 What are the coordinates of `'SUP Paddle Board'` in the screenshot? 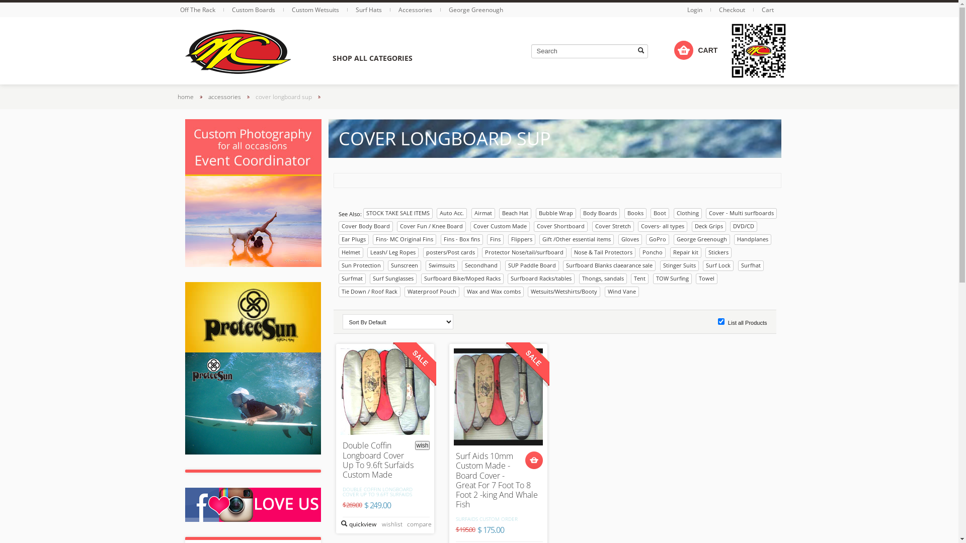 It's located at (505, 265).